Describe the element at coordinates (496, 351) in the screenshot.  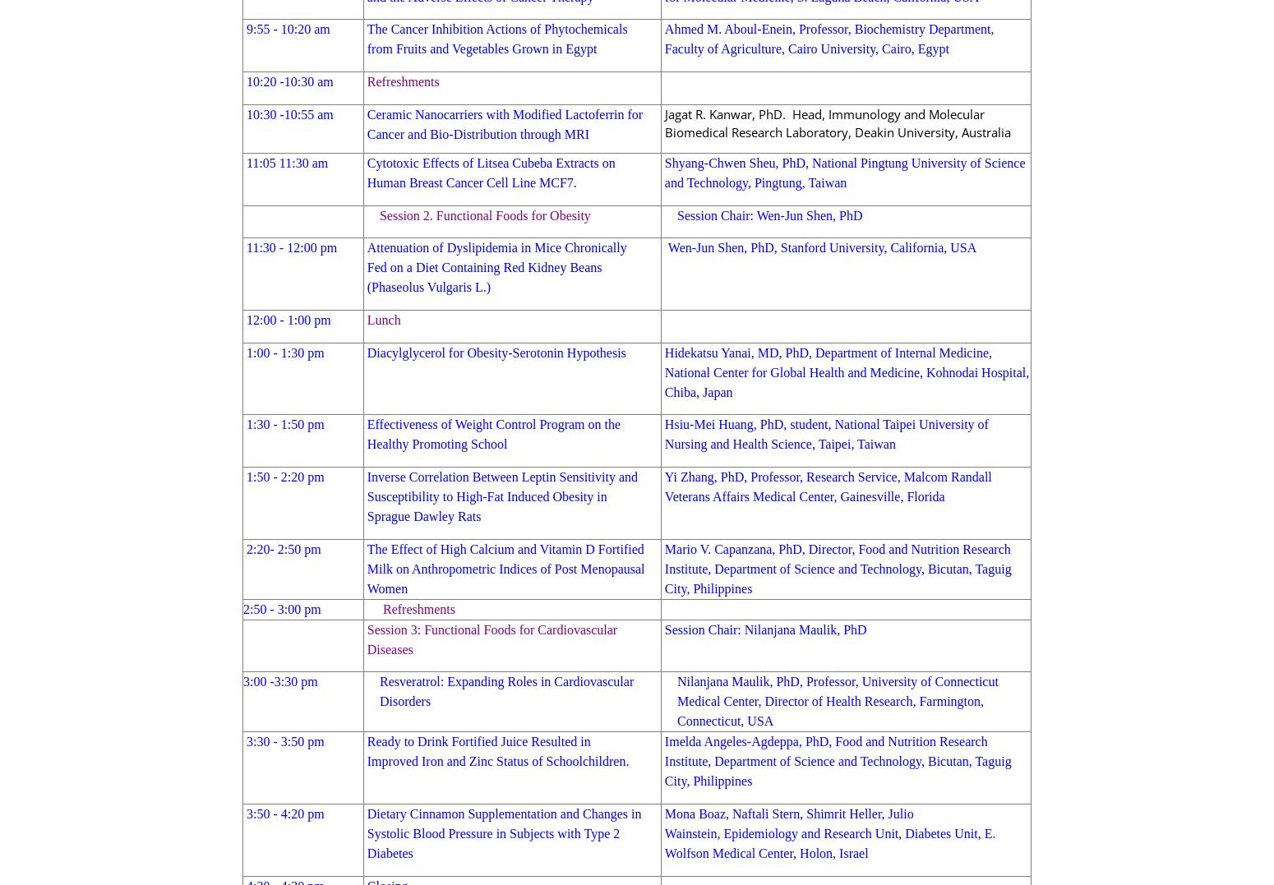
I see `'Diacylglycerol for Obesity-Serotonin Hypothesis'` at that location.